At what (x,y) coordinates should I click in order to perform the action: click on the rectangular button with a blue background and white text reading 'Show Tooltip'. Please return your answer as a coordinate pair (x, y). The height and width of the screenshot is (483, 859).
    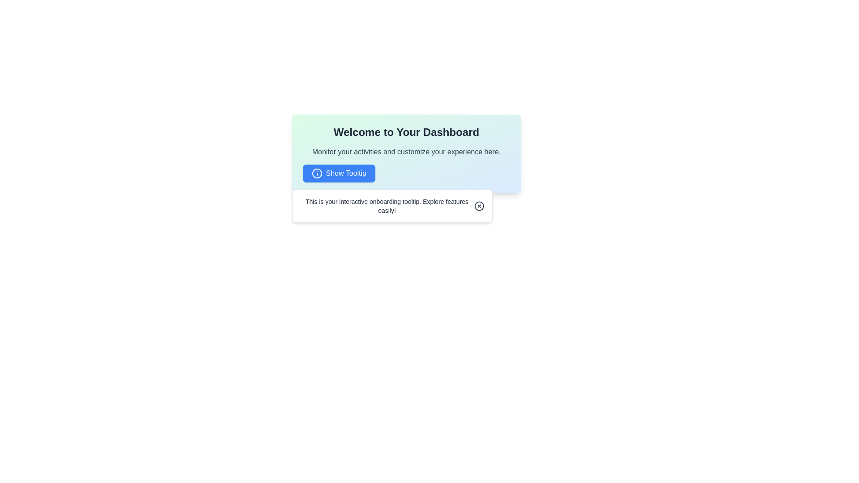
    Looking at the image, I should click on (338, 174).